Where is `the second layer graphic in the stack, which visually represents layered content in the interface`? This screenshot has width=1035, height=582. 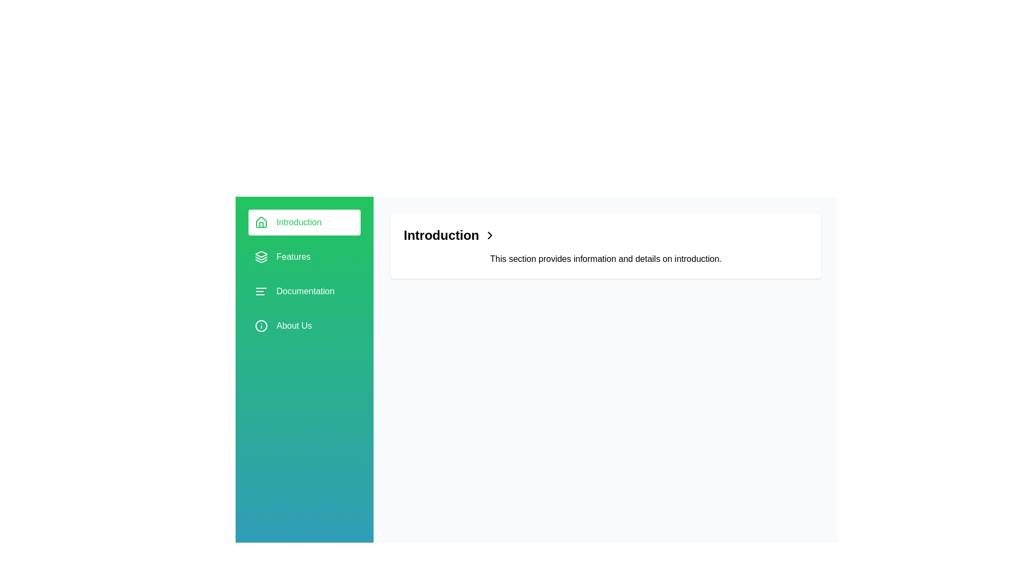
the second layer graphic in the stack, which visually represents layered content in the interface is located at coordinates (261, 258).